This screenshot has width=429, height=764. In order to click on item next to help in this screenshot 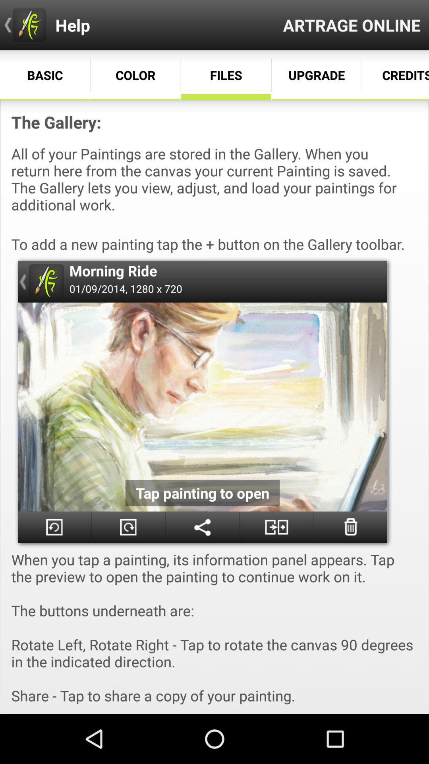, I will do `click(351, 25)`.